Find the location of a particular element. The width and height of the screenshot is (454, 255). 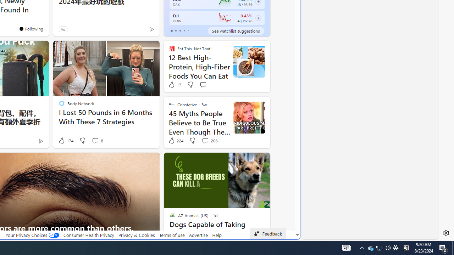

'Advertise' is located at coordinates (199, 235).